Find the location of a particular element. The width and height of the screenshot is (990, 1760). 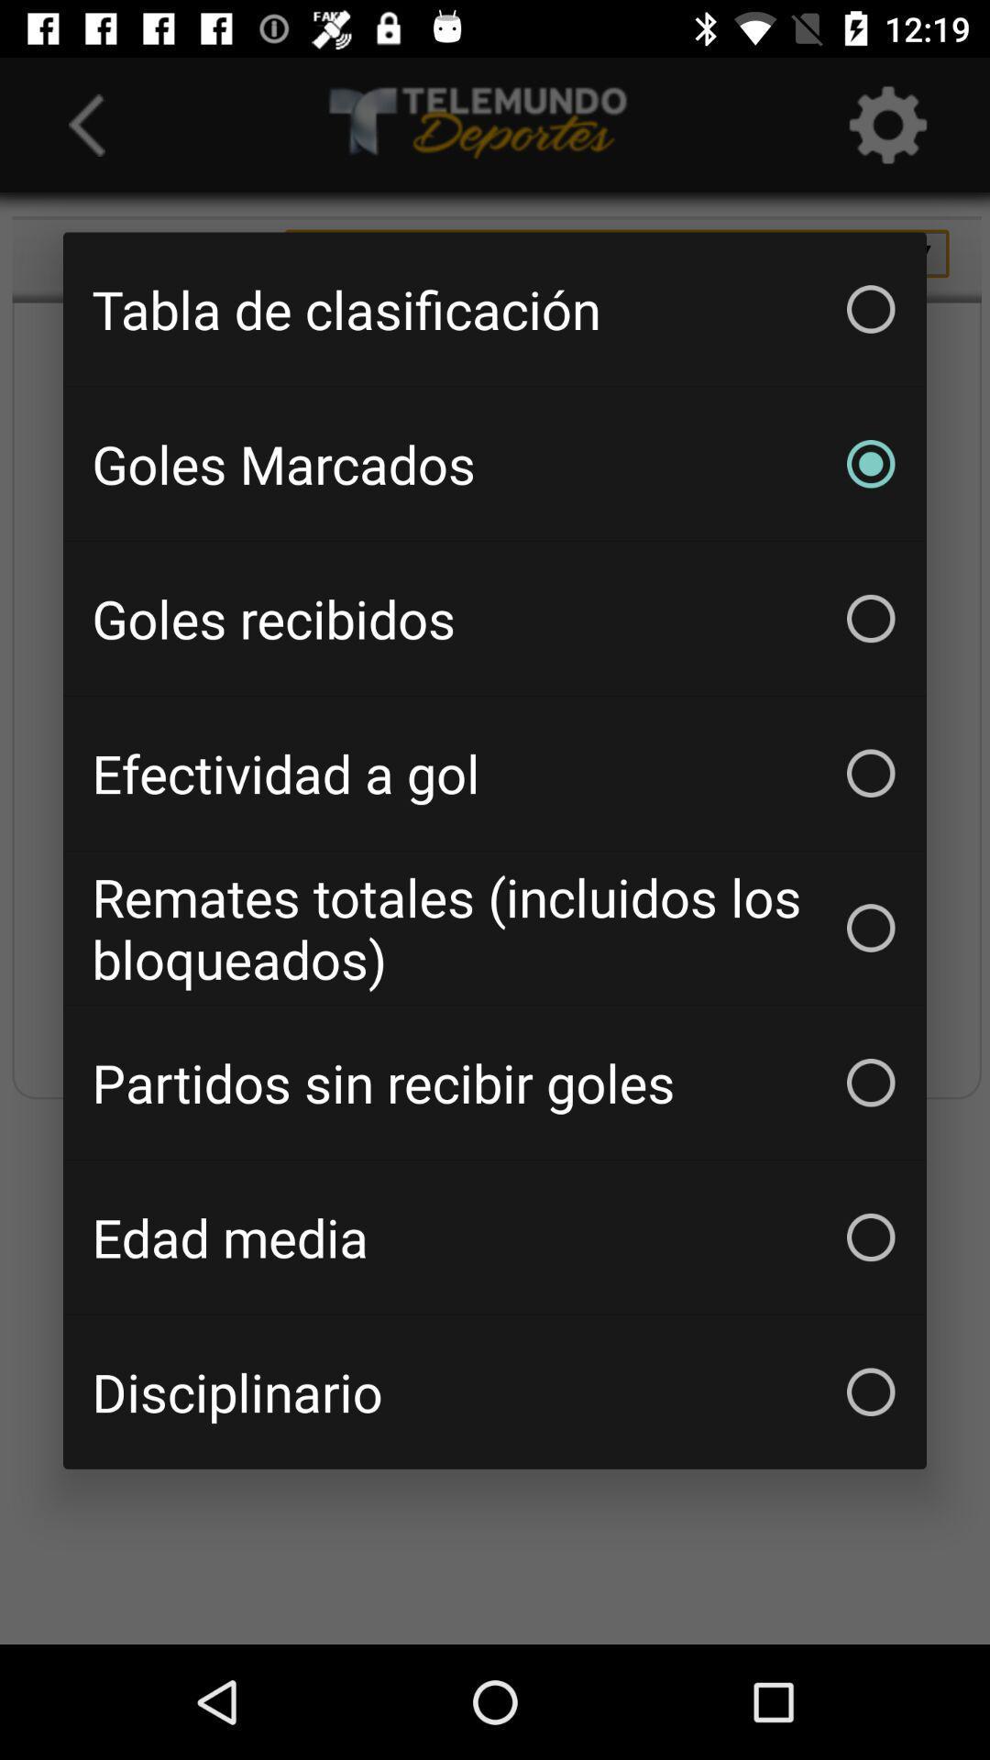

the disciplinario item is located at coordinates (495, 1391).